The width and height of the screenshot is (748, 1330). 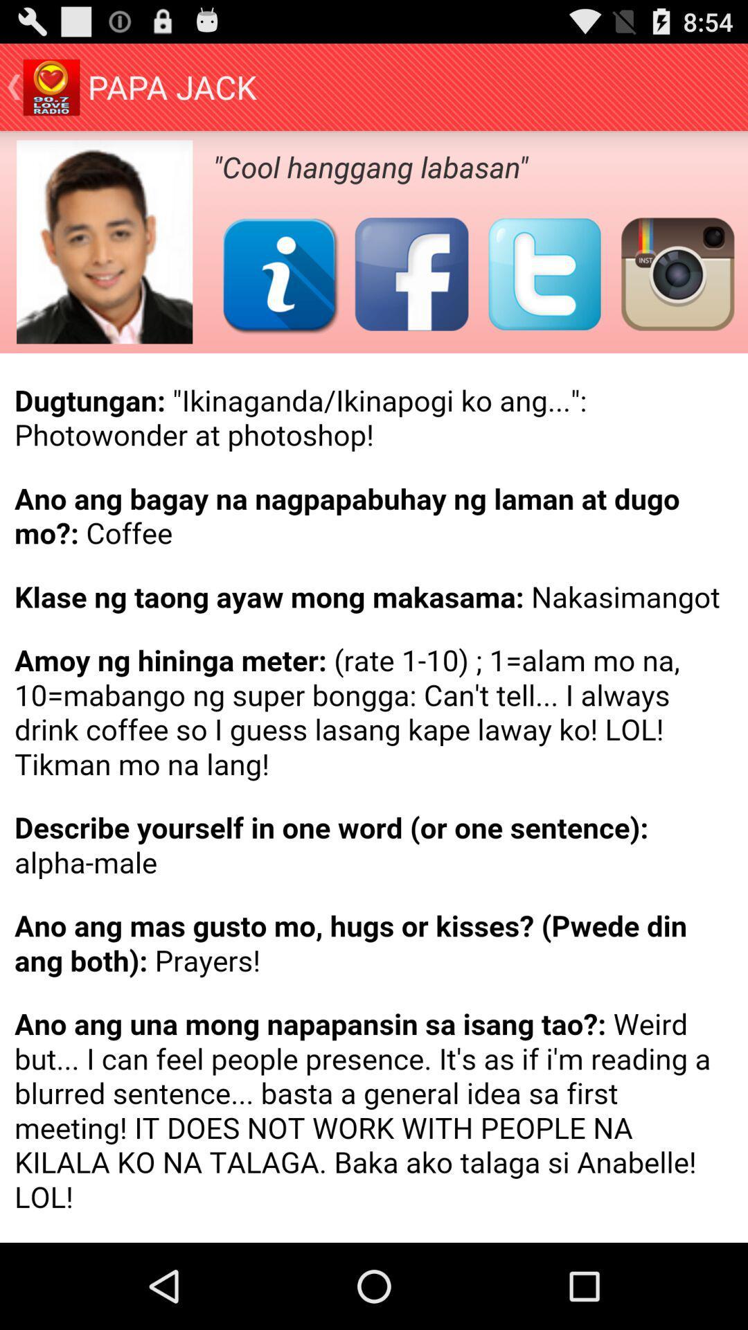 What do you see at coordinates (374, 798) in the screenshot?
I see `details` at bounding box center [374, 798].